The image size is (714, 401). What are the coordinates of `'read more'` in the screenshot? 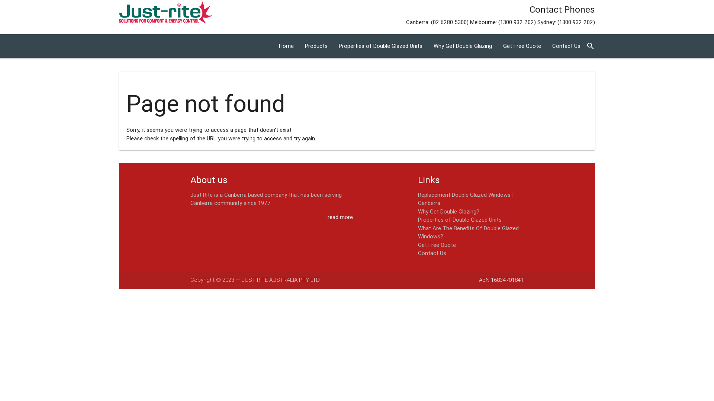 It's located at (340, 217).